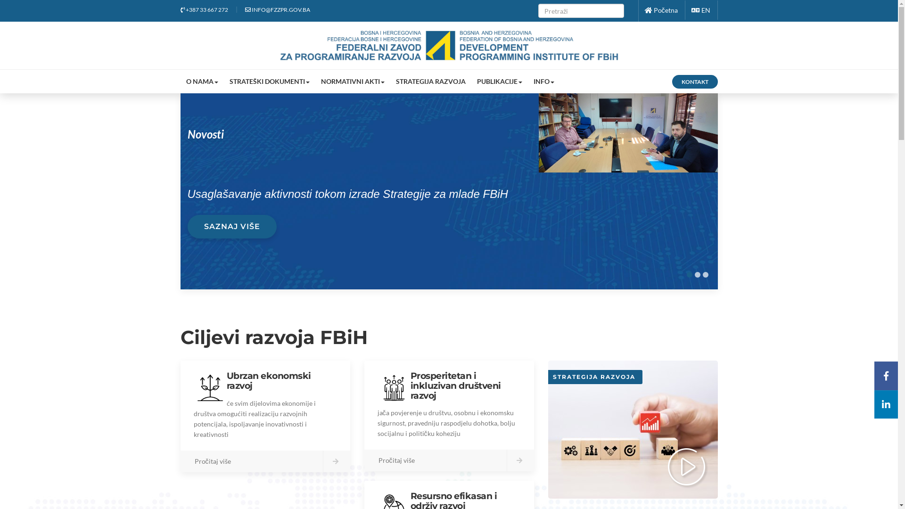 Image resolution: width=905 pixels, height=509 pixels. What do you see at coordinates (543, 81) in the screenshot?
I see `'INFO'` at bounding box center [543, 81].